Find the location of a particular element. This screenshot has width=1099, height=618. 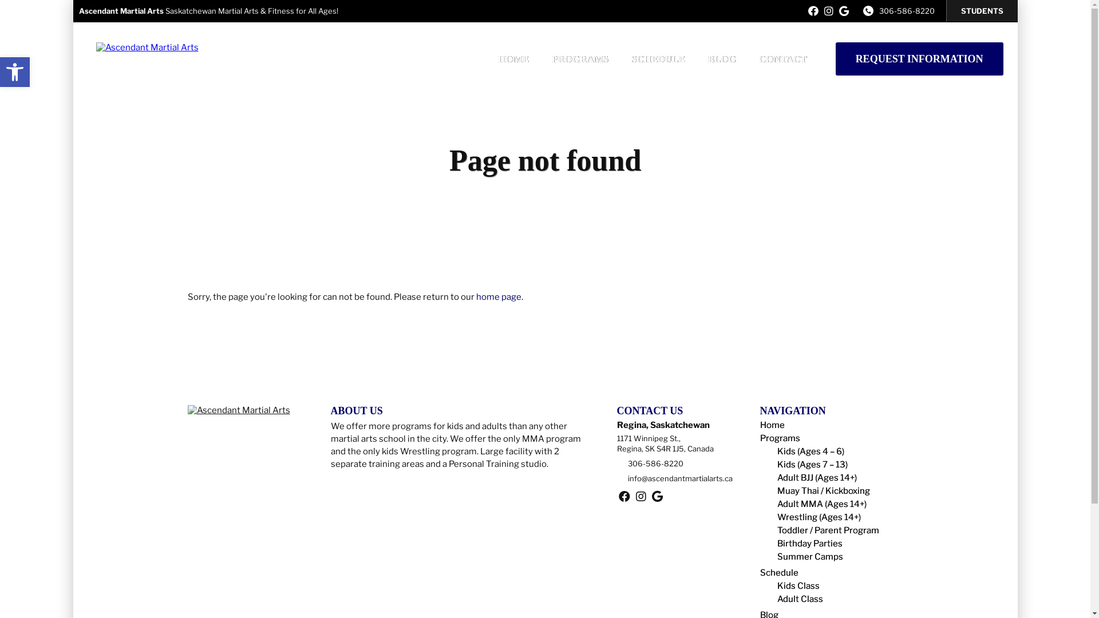

'CONTACT' is located at coordinates (747, 58).